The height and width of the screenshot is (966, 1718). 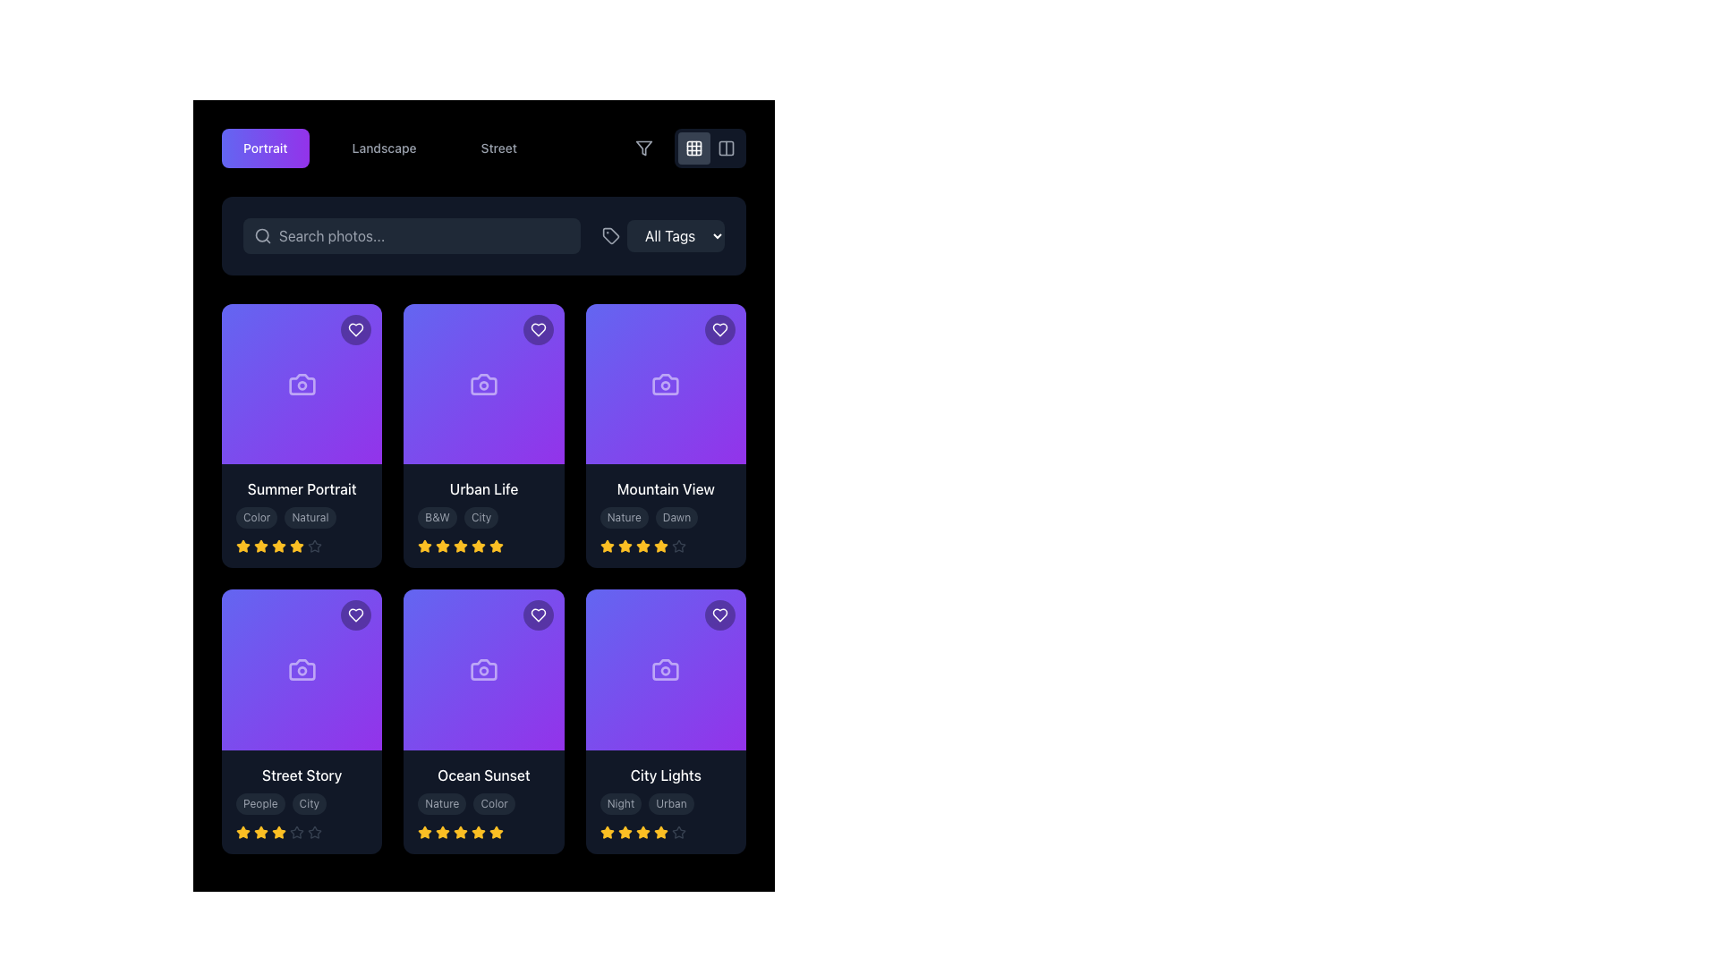 What do you see at coordinates (484, 801) in the screenshot?
I see `the second tag labeled 'Color'` at bounding box center [484, 801].